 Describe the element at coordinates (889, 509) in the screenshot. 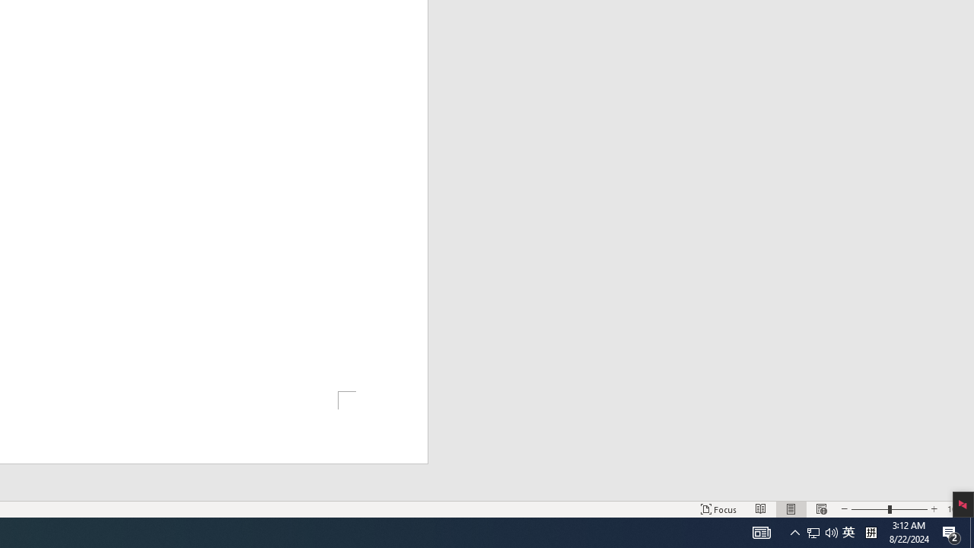

I see `'Zoom'` at that location.